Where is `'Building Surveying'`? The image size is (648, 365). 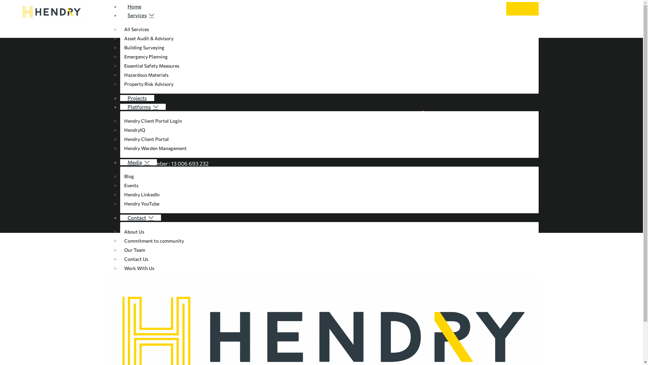 'Building Surveying' is located at coordinates (144, 47).